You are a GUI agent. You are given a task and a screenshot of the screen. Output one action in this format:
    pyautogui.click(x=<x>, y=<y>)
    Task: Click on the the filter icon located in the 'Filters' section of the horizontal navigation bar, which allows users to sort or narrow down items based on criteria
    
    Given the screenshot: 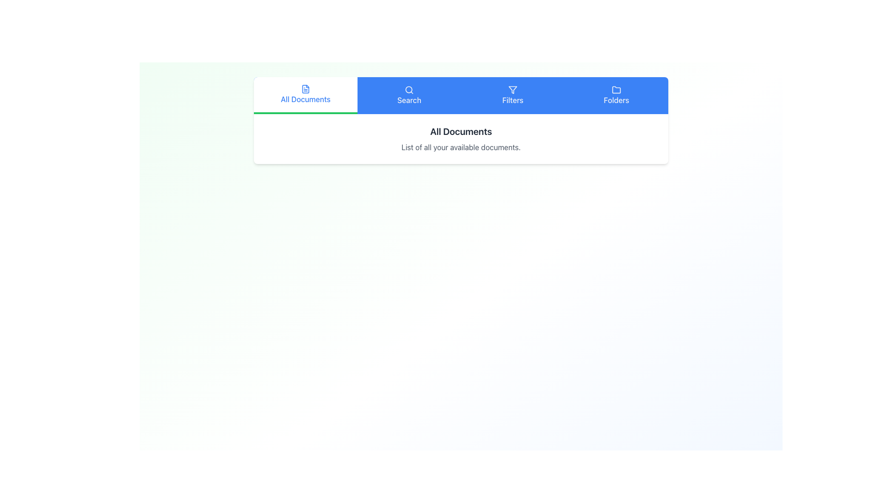 What is the action you would take?
    pyautogui.click(x=512, y=90)
    